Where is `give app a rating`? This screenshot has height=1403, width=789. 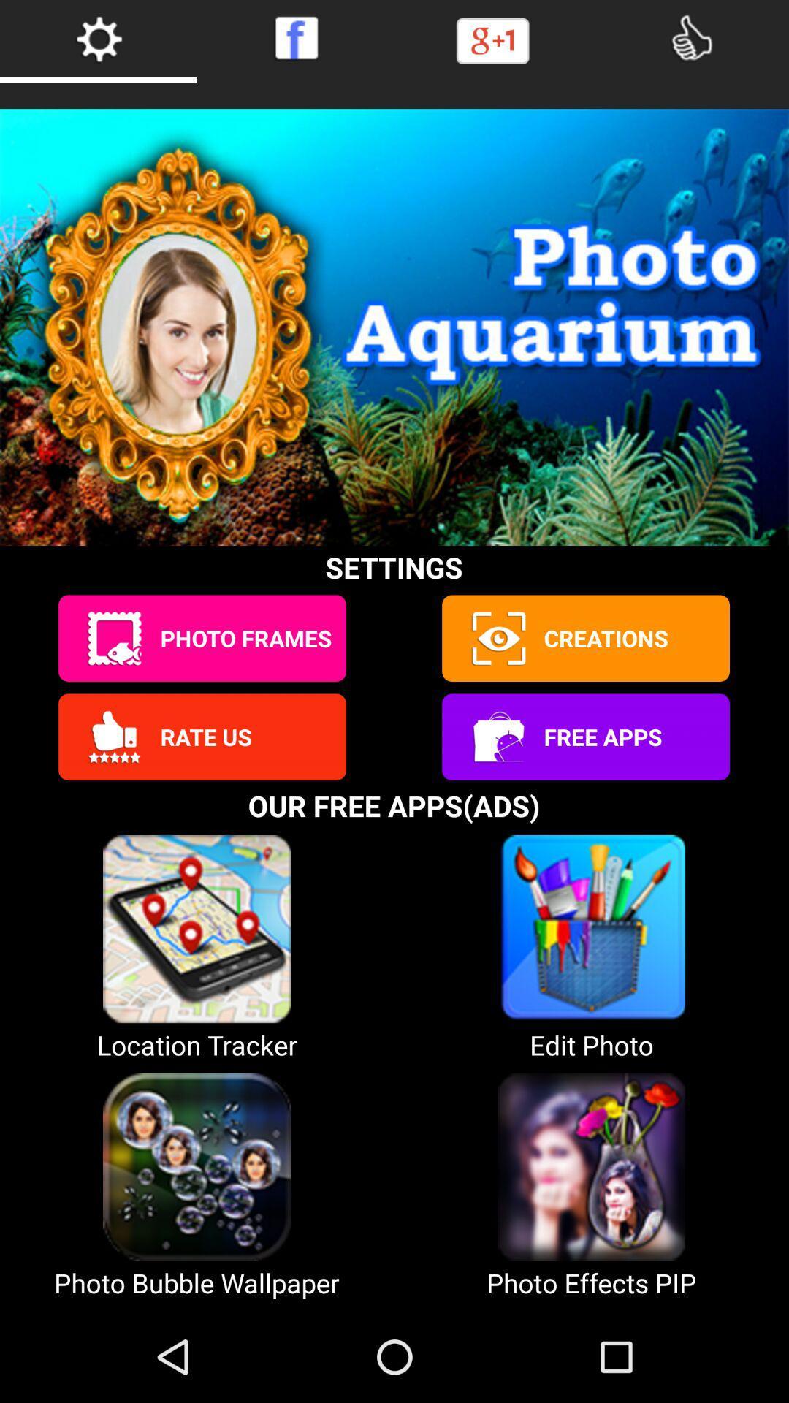
give app a rating is located at coordinates (113, 737).